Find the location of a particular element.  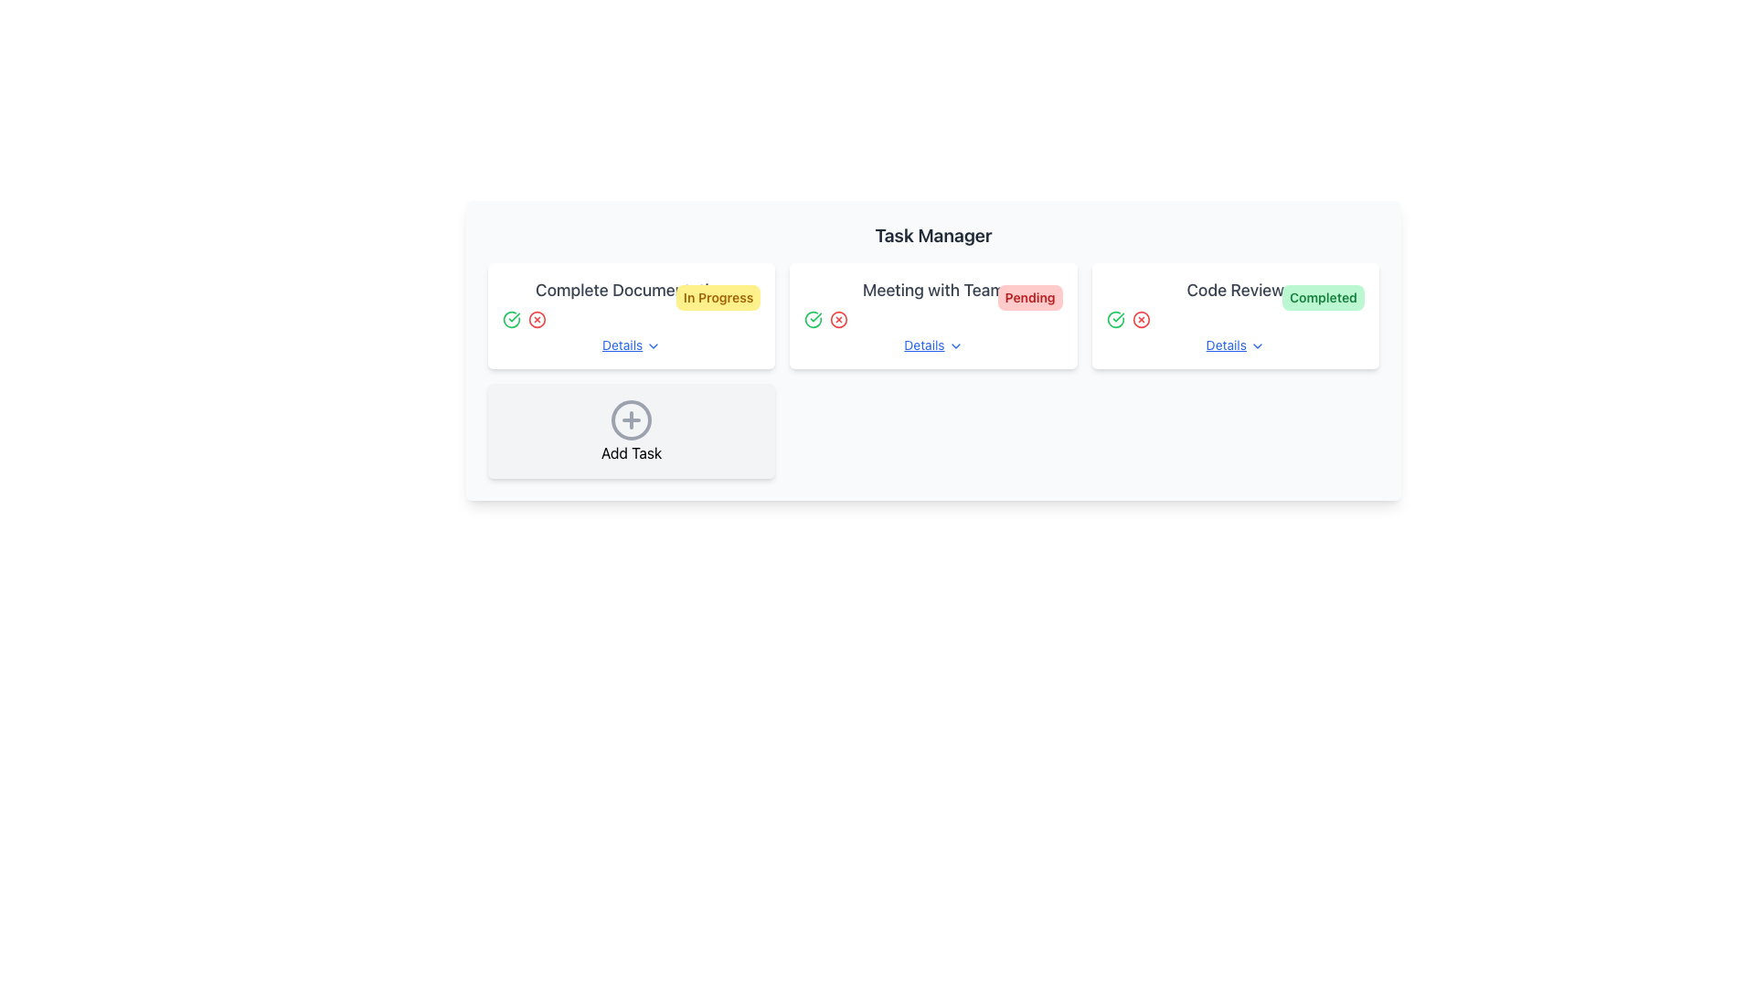

the downward-facing chevron icon located immediately to the right of the 'Details' text in the 'Meeting with Team' task card is located at coordinates (954, 346).